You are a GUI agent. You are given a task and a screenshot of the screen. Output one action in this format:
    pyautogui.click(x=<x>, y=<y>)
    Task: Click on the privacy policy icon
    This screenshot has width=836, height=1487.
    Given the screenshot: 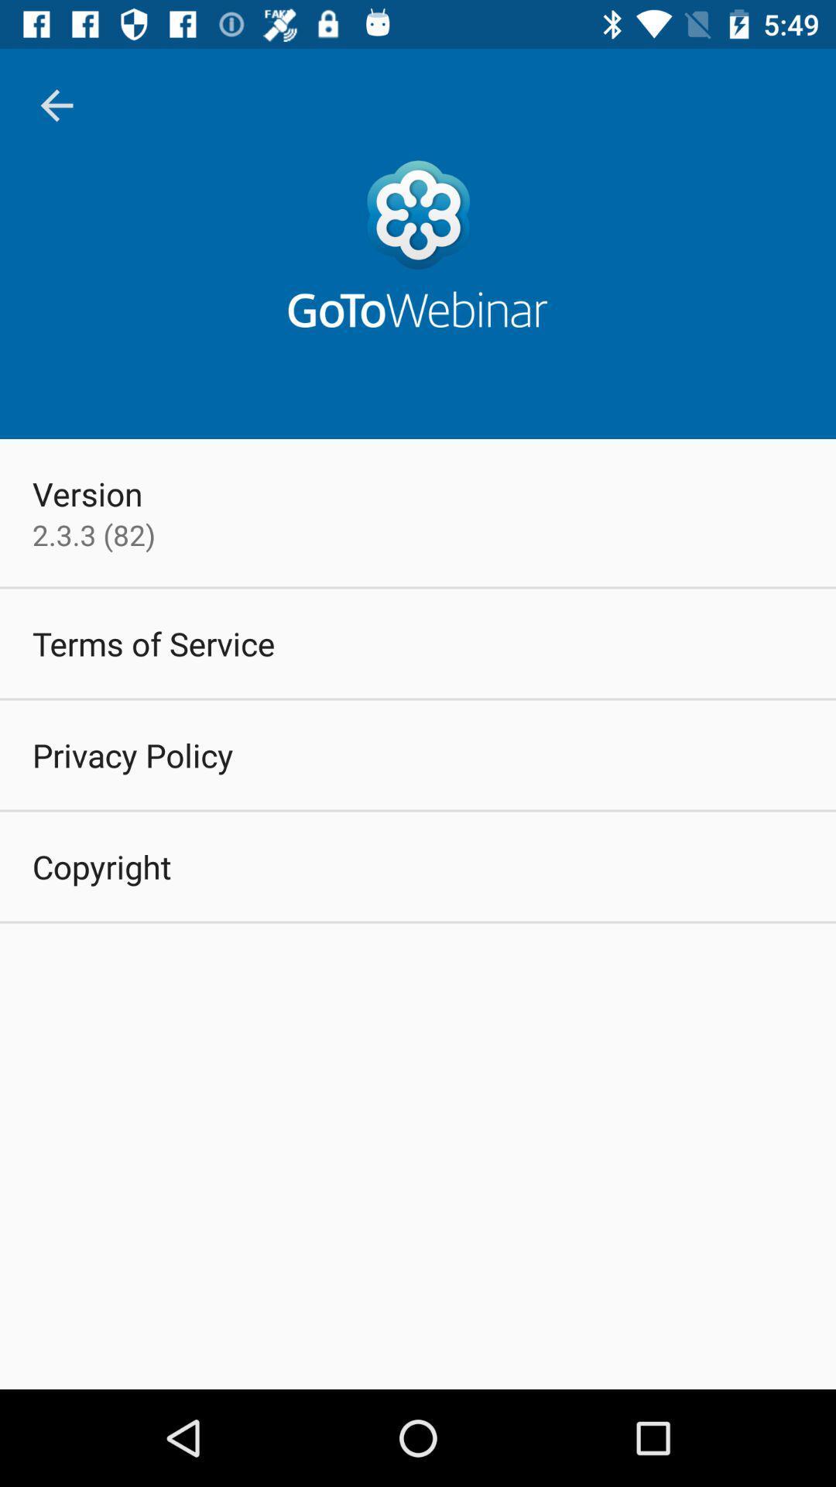 What is the action you would take?
    pyautogui.click(x=132, y=754)
    